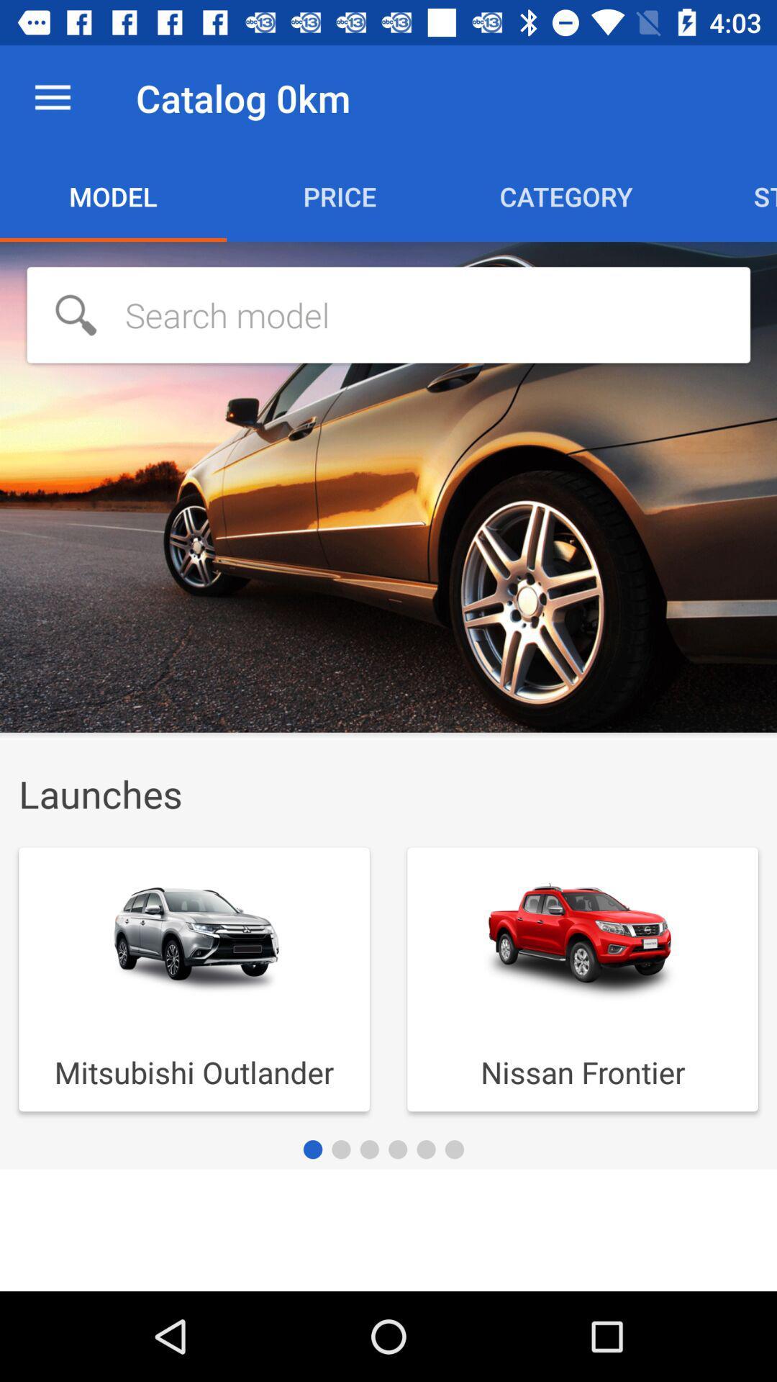 The image size is (777, 1382). What do you see at coordinates (388, 314) in the screenshot?
I see `search option` at bounding box center [388, 314].